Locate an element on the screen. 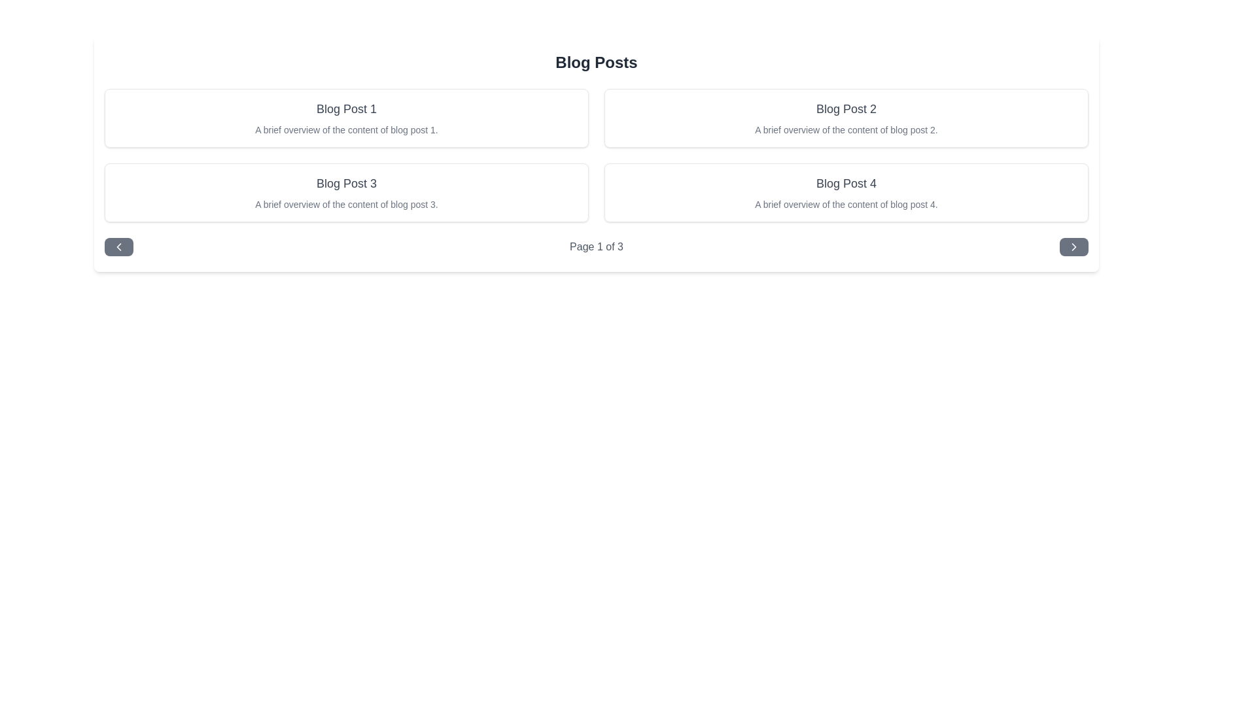  the text heading 'Blog Post 3' to select the text is located at coordinates (346, 184).